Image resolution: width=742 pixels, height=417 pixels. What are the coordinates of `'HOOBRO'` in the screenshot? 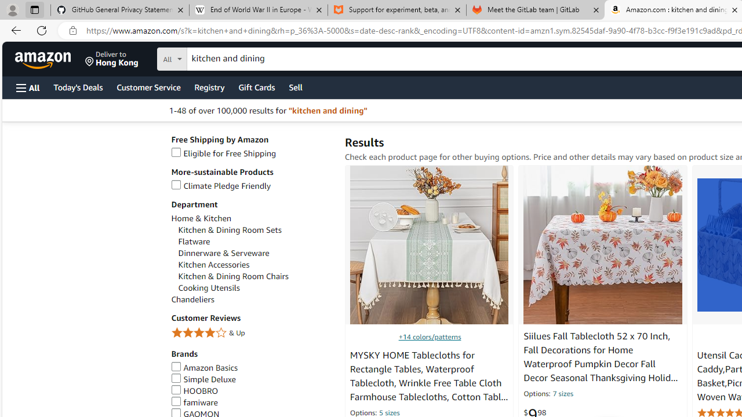 It's located at (195, 391).